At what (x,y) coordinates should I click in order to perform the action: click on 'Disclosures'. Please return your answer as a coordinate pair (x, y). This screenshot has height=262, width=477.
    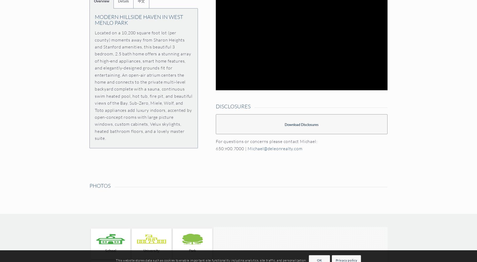
    Looking at the image, I should click on (233, 106).